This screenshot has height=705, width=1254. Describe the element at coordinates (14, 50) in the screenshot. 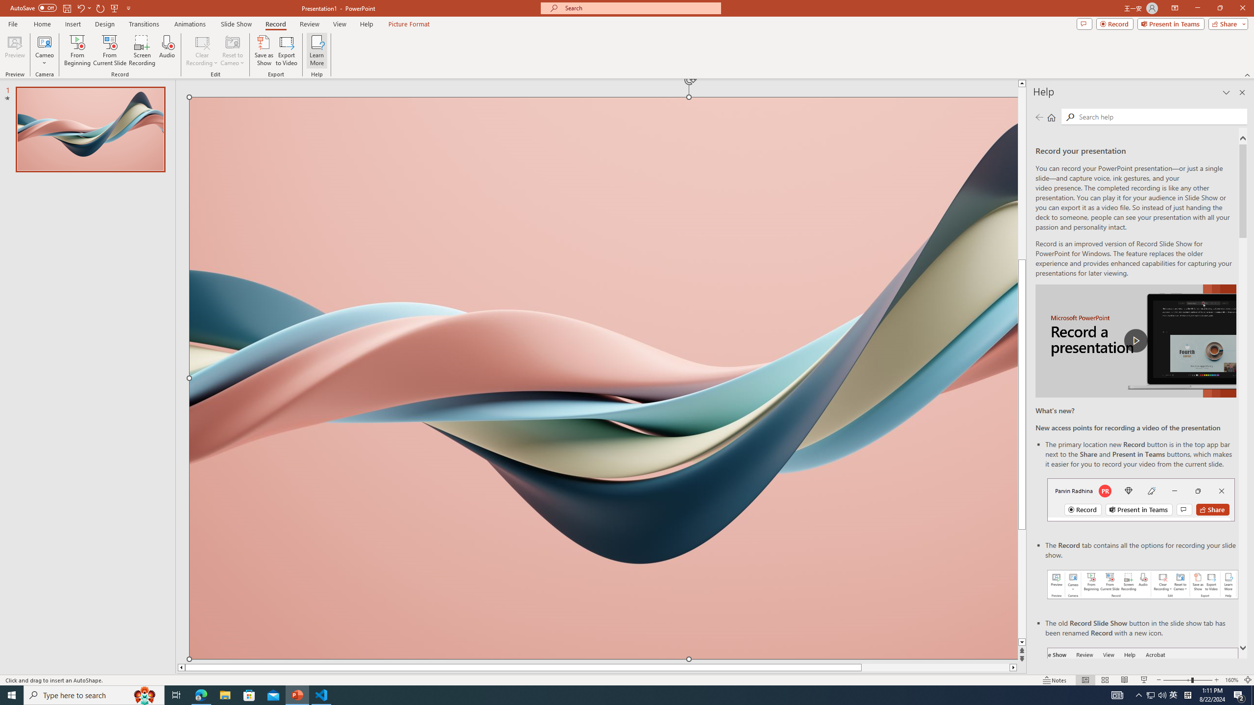

I see `'Preview'` at that location.